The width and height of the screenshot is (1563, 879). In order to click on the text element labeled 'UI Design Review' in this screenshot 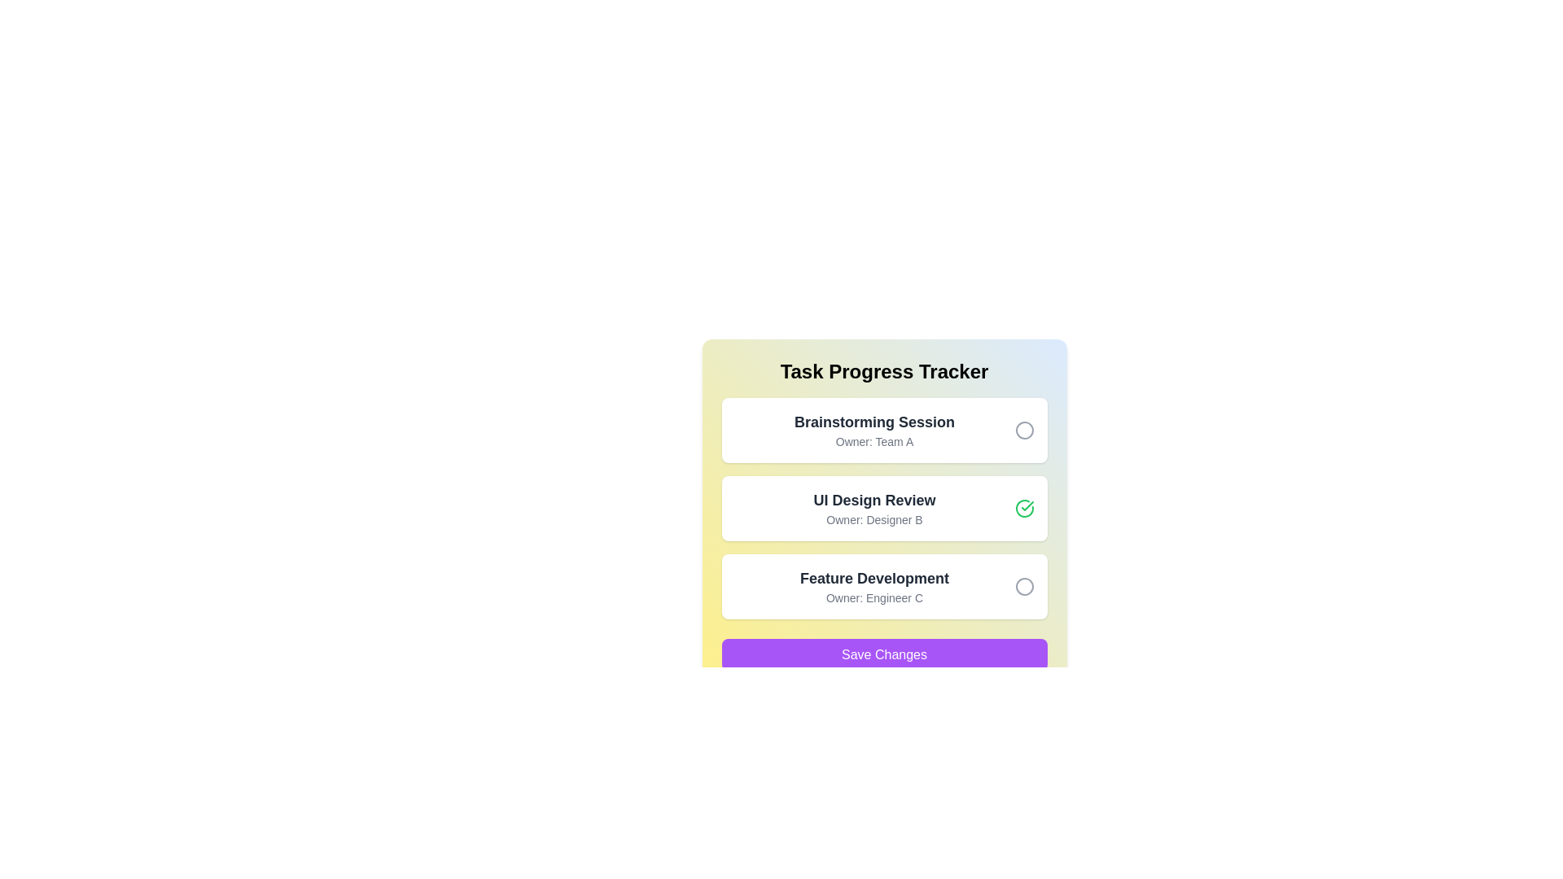, I will do `click(873, 499)`.